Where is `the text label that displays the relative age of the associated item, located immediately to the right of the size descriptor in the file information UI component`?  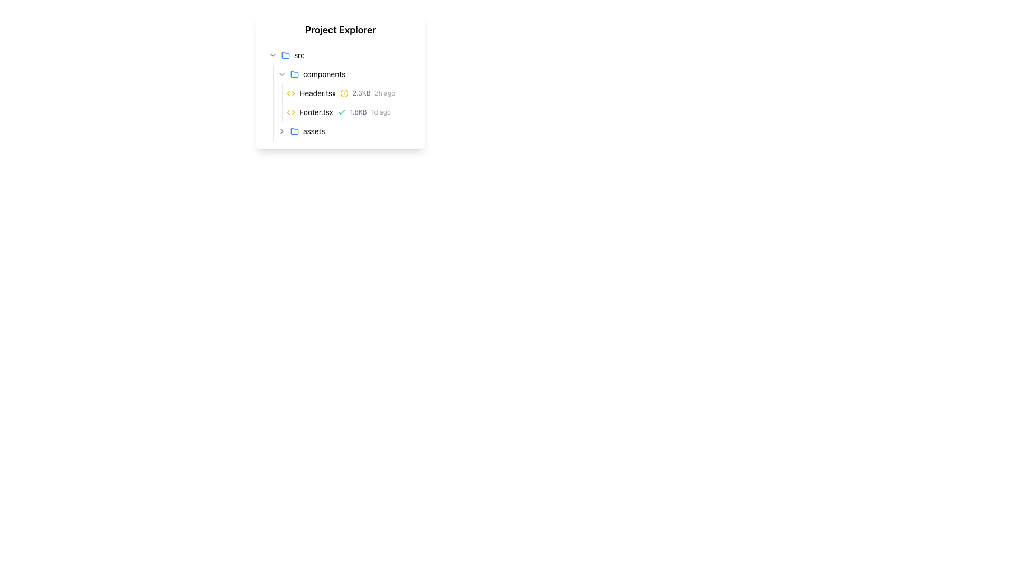 the text label that displays the relative age of the associated item, located immediately to the right of the size descriptor in the file information UI component is located at coordinates (380, 112).